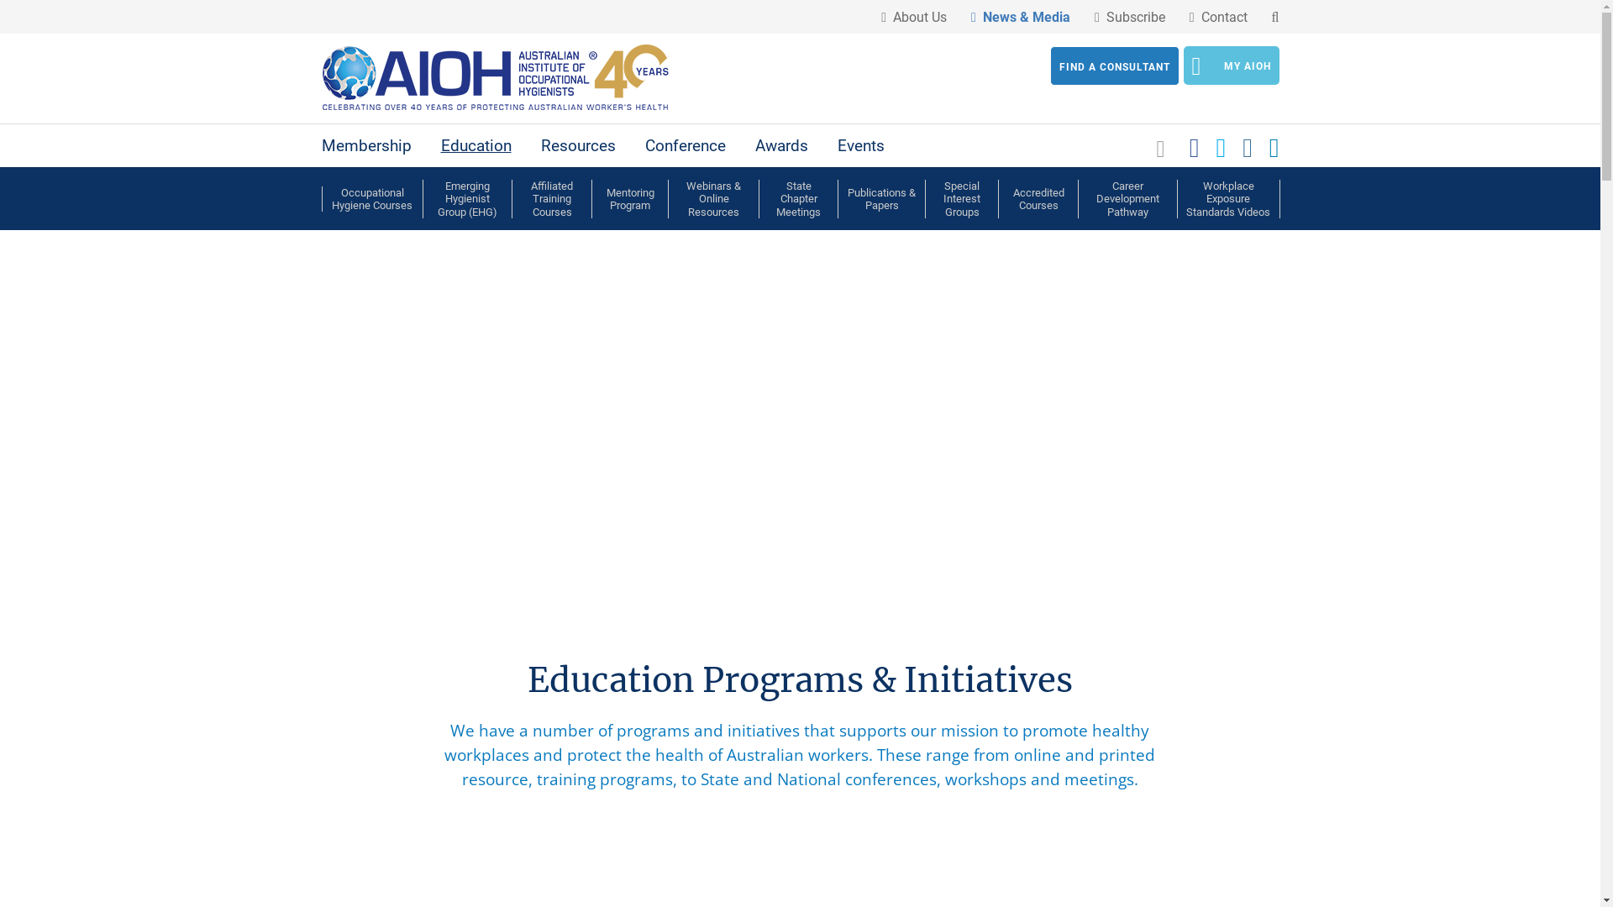 This screenshot has width=1613, height=907. Describe the element at coordinates (1114, 65) in the screenshot. I see `'FIND A CONSULTANT'` at that location.